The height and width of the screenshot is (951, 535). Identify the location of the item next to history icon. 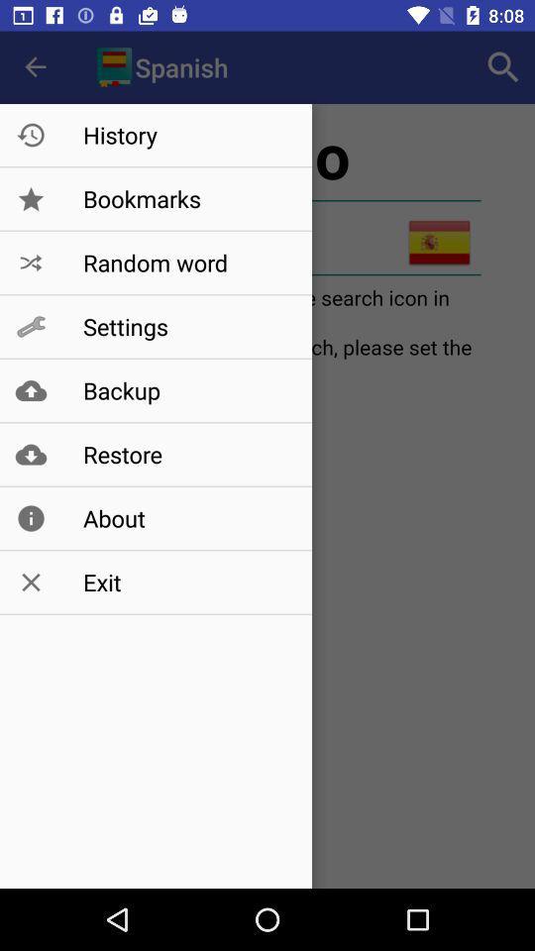
(503, 67).